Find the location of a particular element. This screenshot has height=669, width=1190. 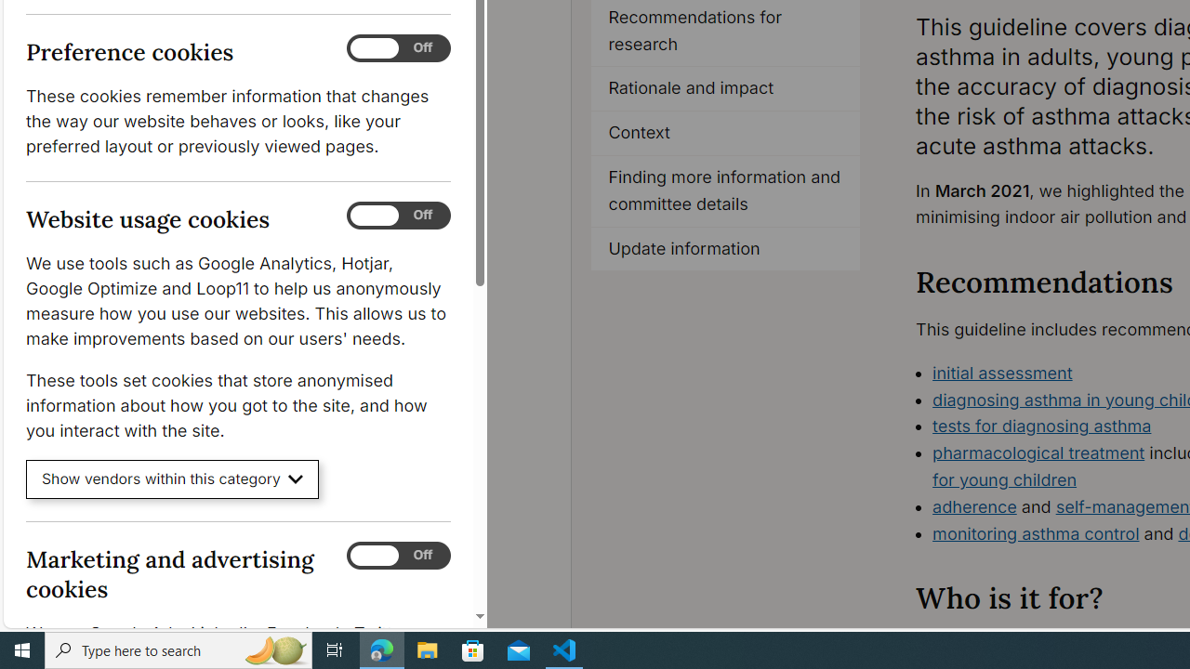

'Finding more information and committee details' is located at coordinates (724, 190).